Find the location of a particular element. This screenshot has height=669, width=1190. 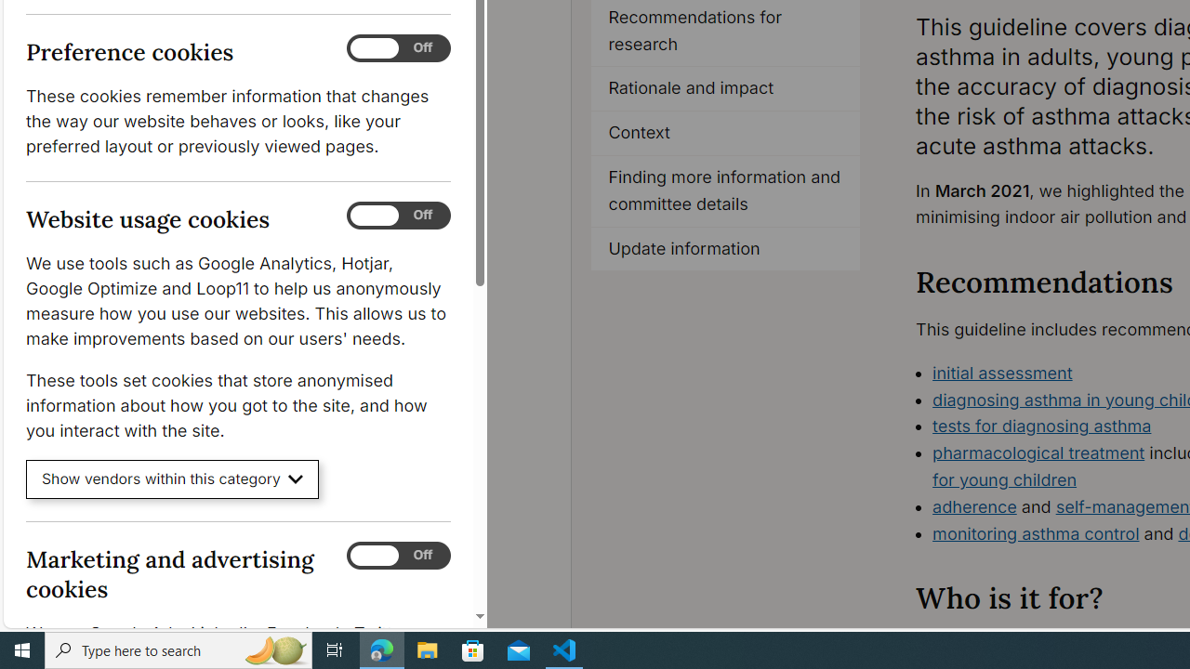

'Finding more information and committee details' is located at coordinates (724, 190).